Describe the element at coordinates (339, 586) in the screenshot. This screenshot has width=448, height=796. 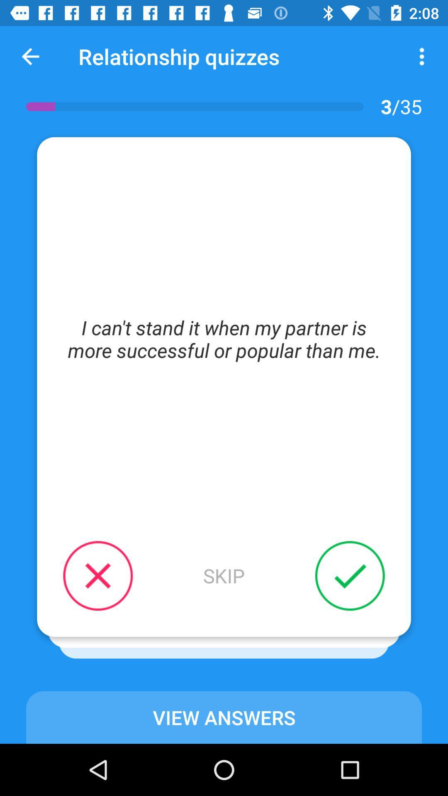
I see `the check icon` at that location.